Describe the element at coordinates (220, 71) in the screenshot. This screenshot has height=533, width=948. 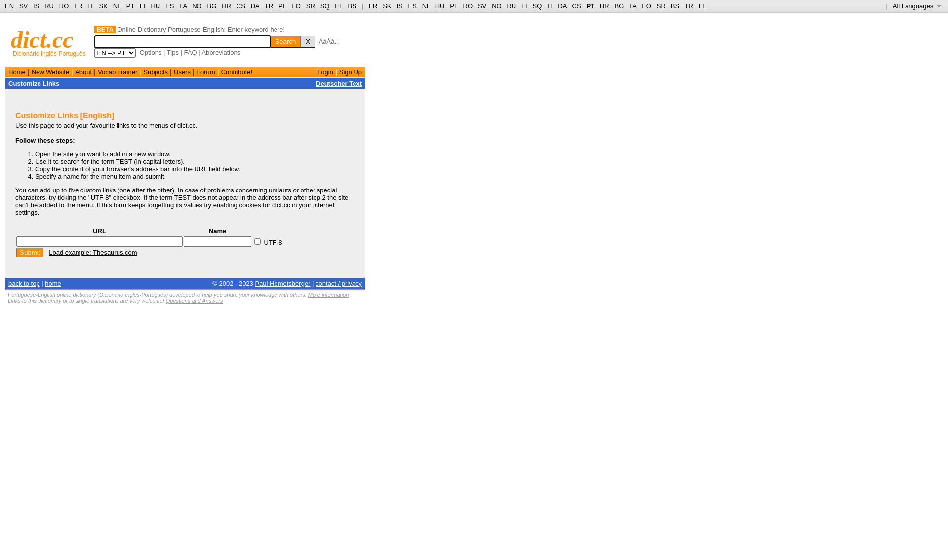
I see `'Contribute!'` at that location.